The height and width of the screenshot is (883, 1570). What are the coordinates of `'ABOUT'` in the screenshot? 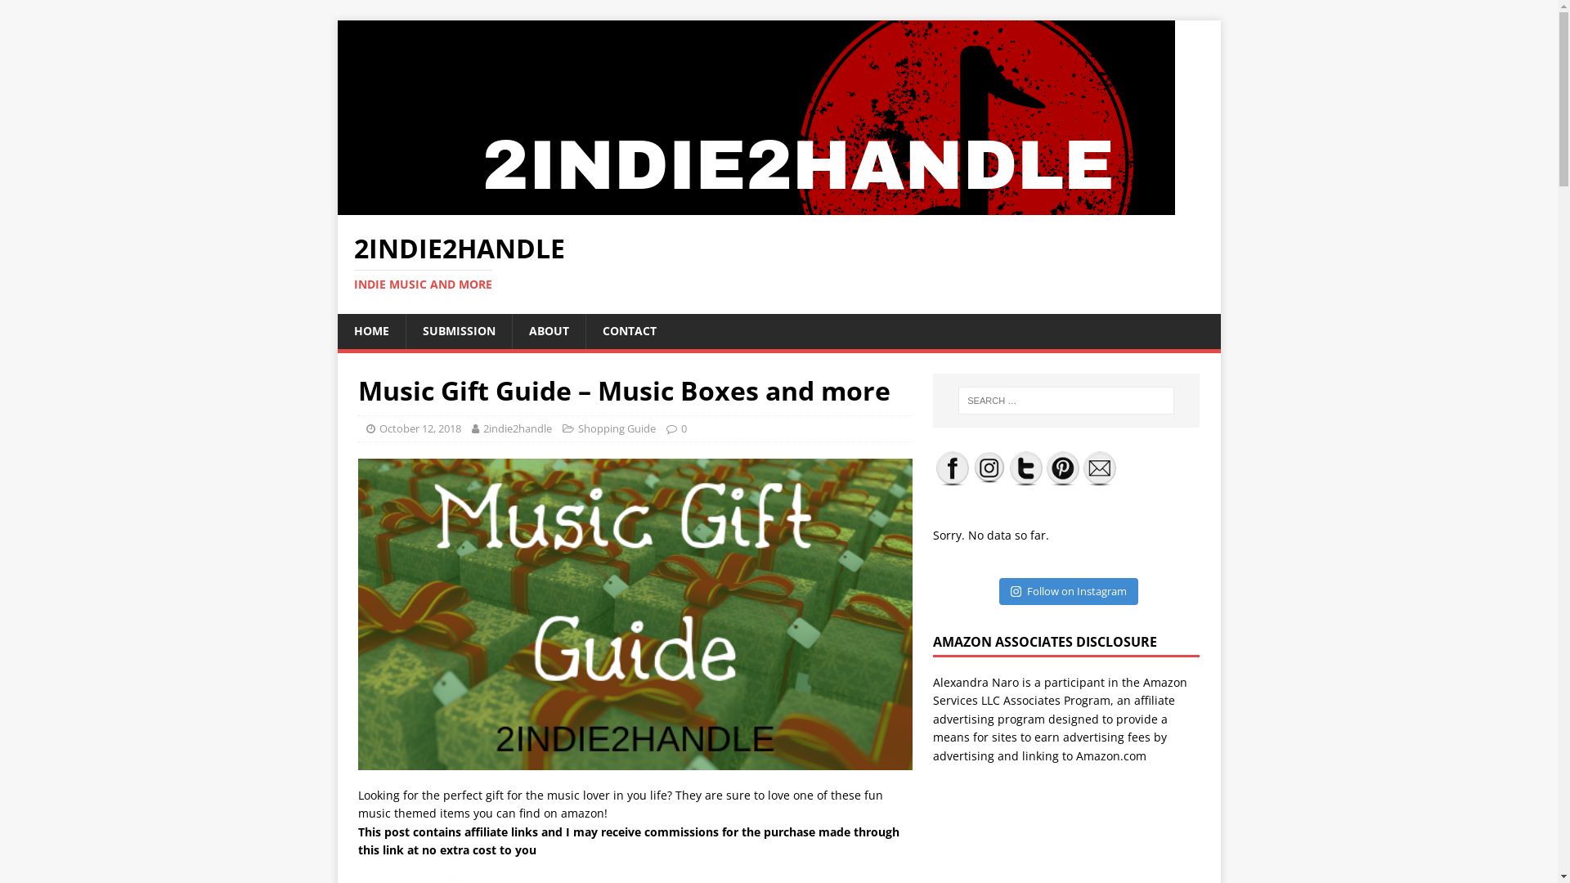 It's located at (549, 331).